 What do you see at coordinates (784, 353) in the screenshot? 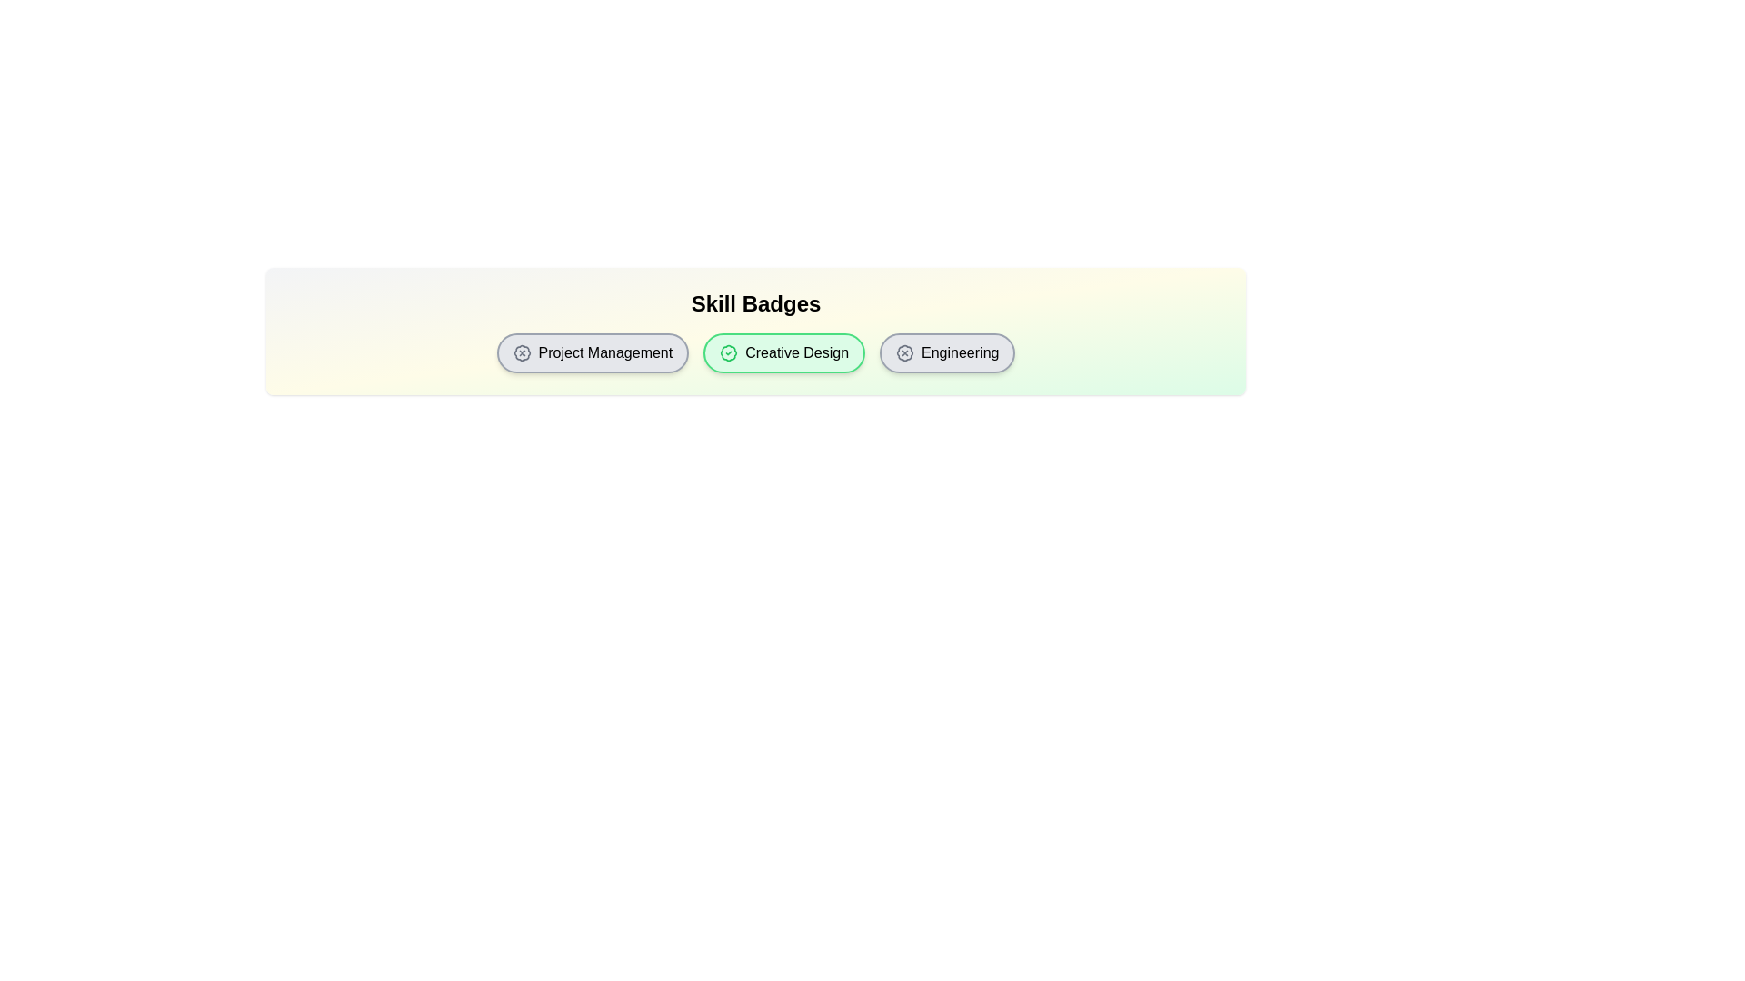
I see `the skill badge labeled Creative Design` at bounding box center [784, 353].